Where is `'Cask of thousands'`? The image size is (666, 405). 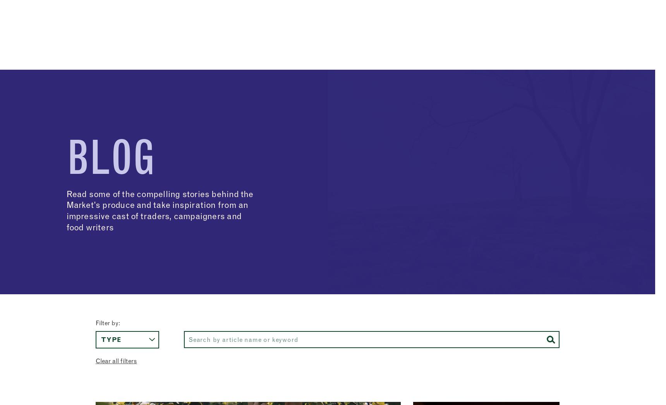 'Cask of thousands' is located at coordinates (134, 84).